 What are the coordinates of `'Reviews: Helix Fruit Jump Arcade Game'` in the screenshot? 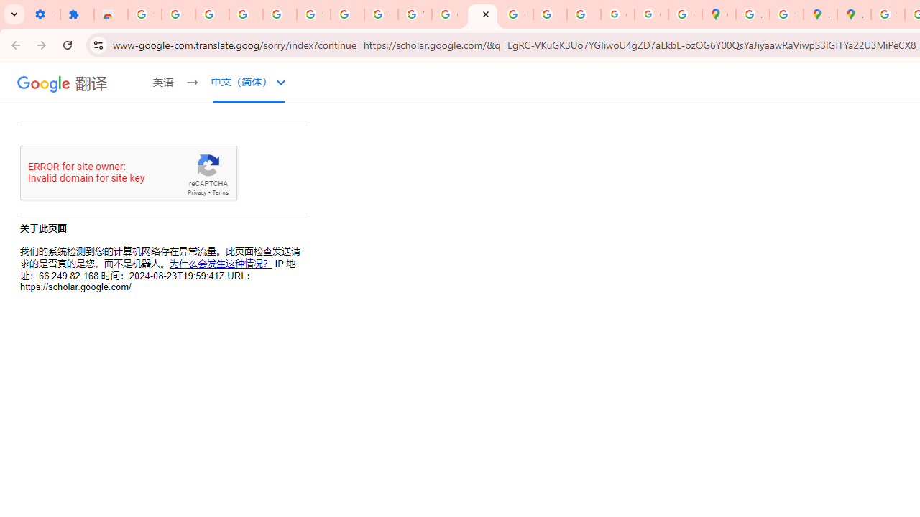 It's located at (110, 14).